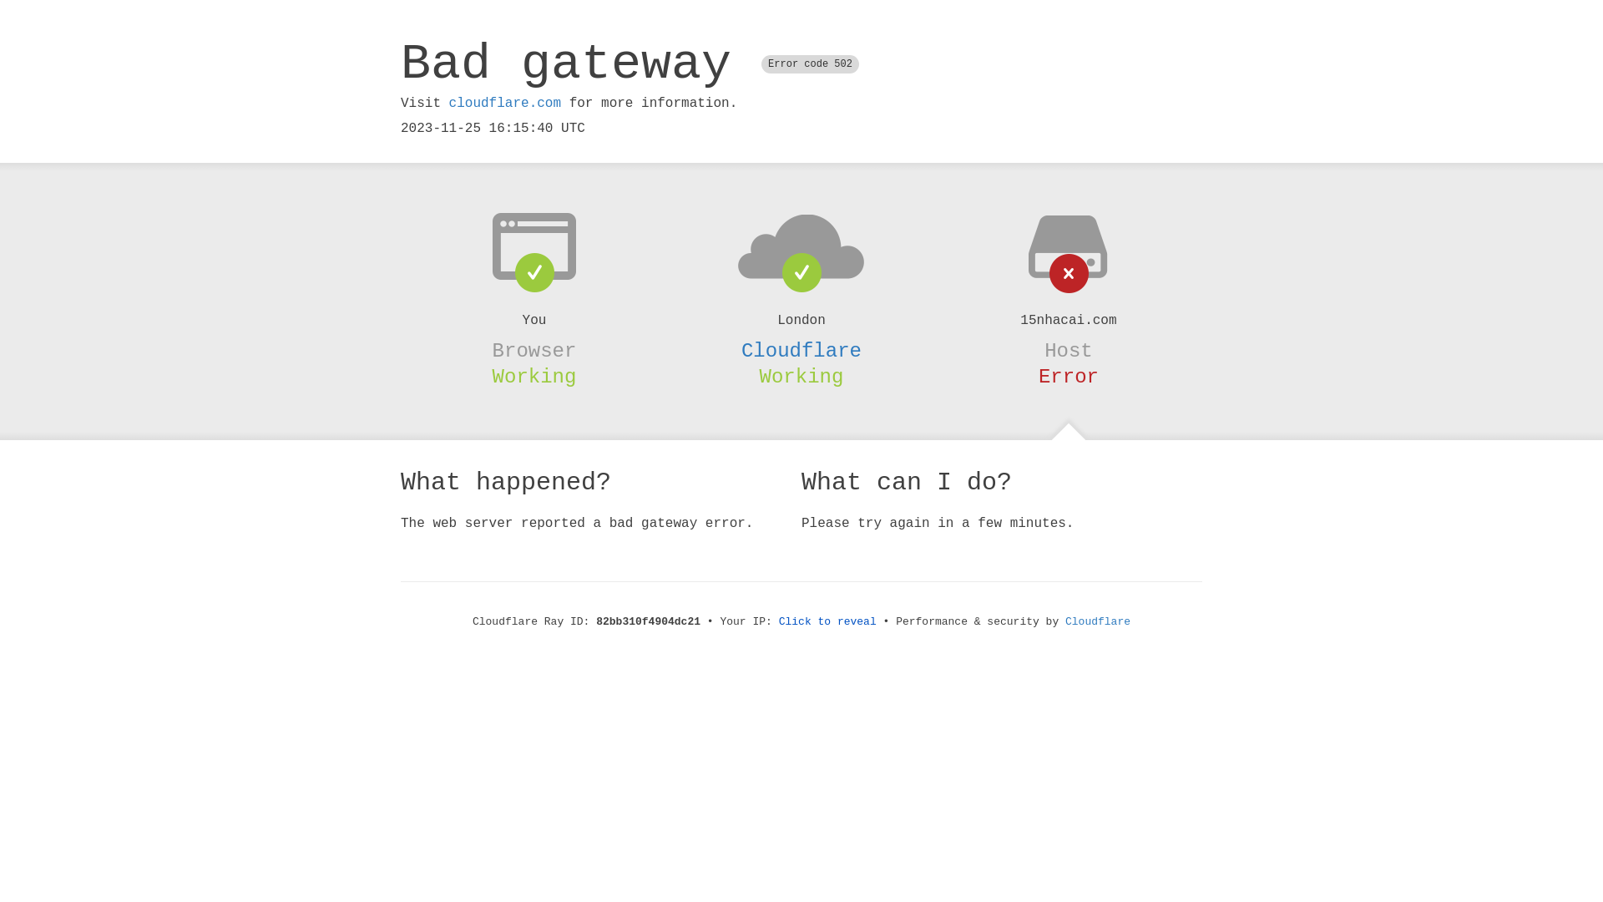  Describe the element at coordinates (1098, 621) in the screenshot. I see `'Cloudflare'` at that location.